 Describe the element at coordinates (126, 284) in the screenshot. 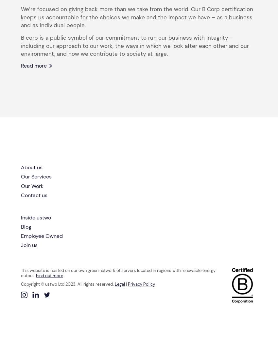

I see `'|'` at that location.